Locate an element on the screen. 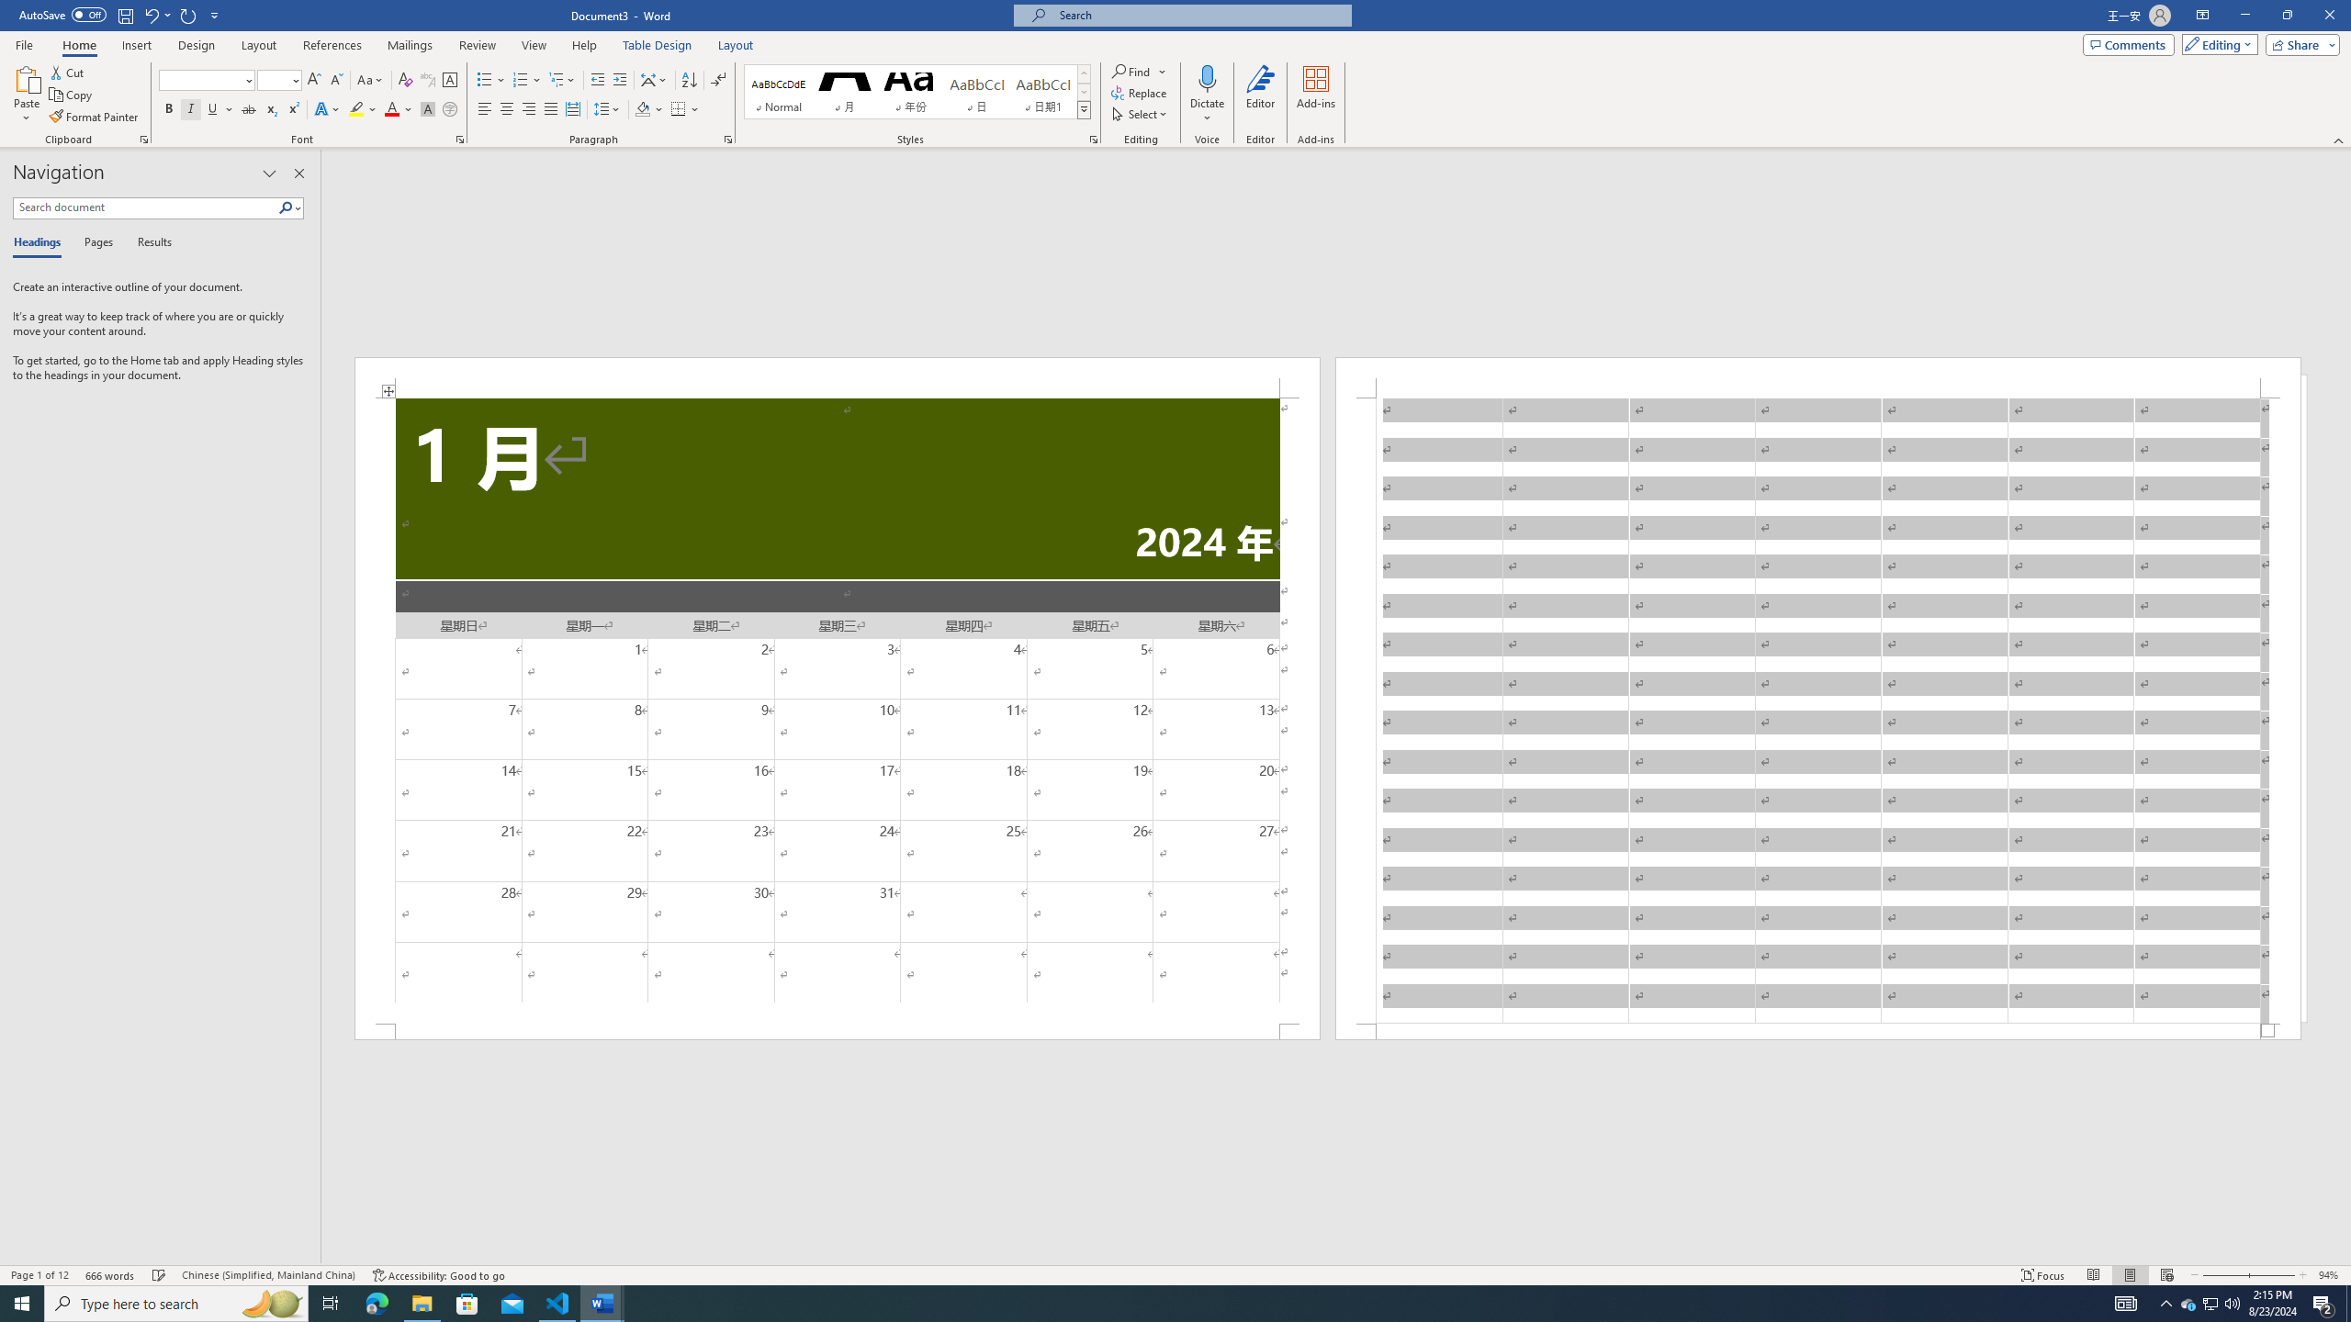  'Character Shading' is located at coordinates (426, 108).